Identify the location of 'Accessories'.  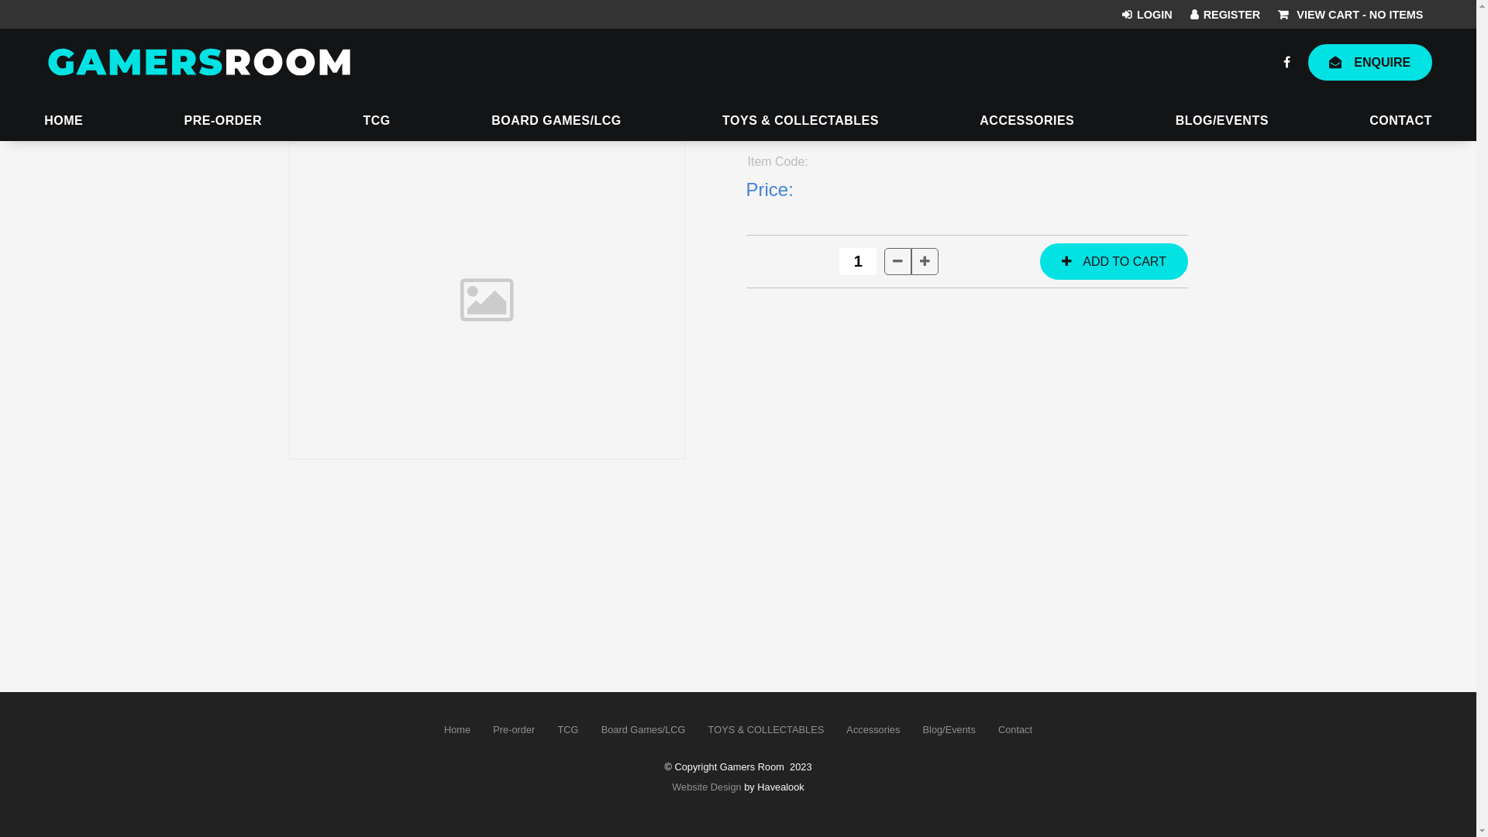
(873, 729).